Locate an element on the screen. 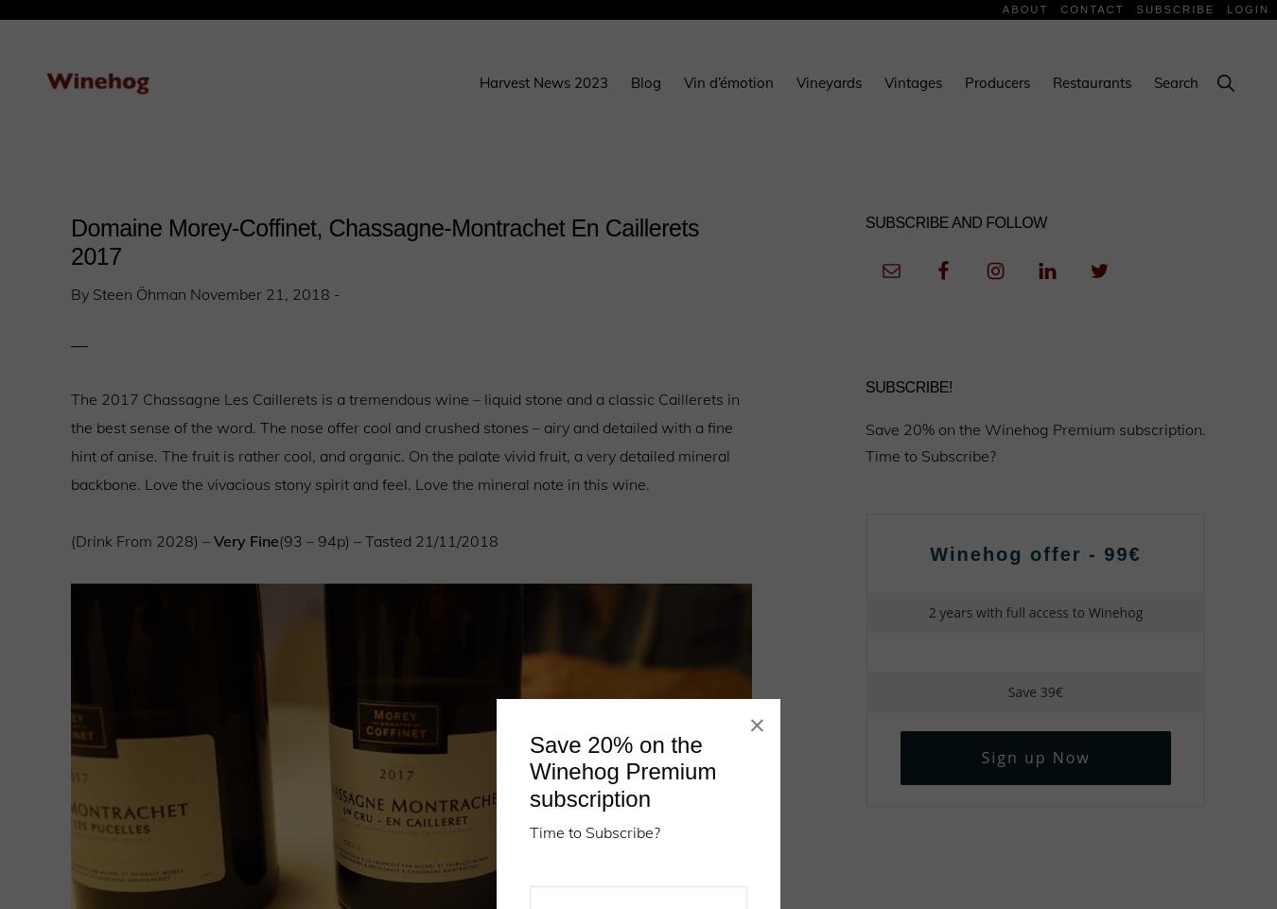  'Contact' is located at coordinates (1060, 8).